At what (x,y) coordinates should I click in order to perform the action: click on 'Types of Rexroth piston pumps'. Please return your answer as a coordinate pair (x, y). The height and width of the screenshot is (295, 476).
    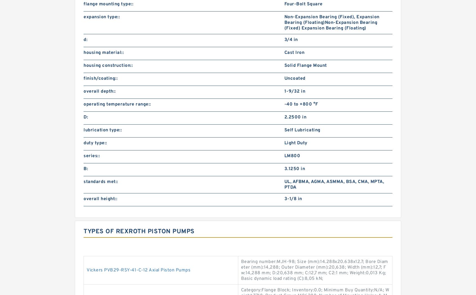
    Looking at the image, I should click on (139, 232).